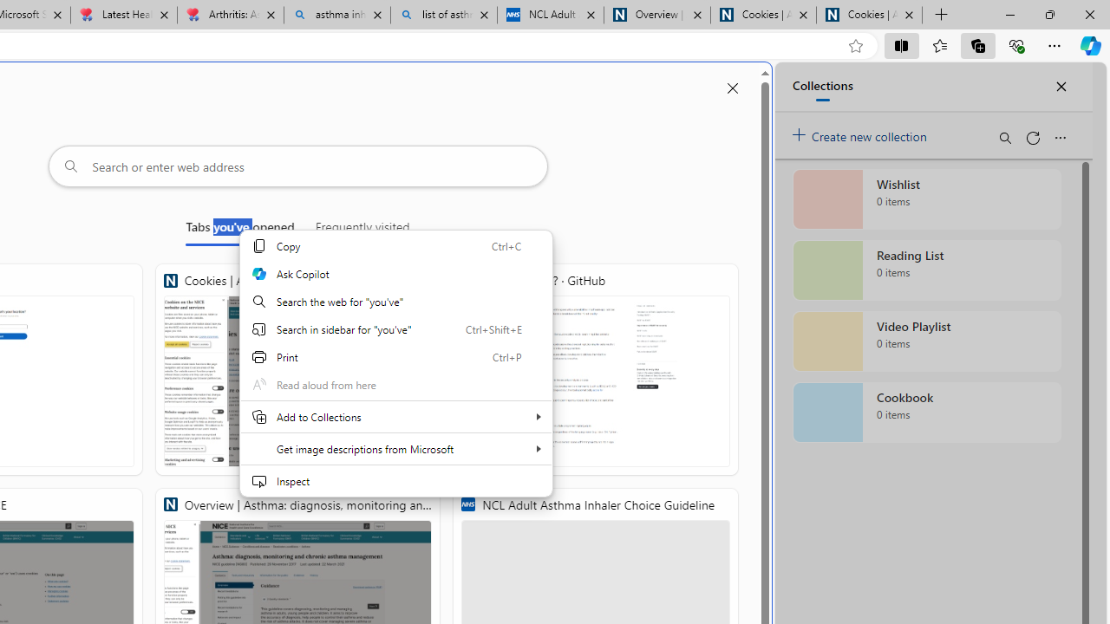  I want to click on 'Close split screen', so click(732, 88).